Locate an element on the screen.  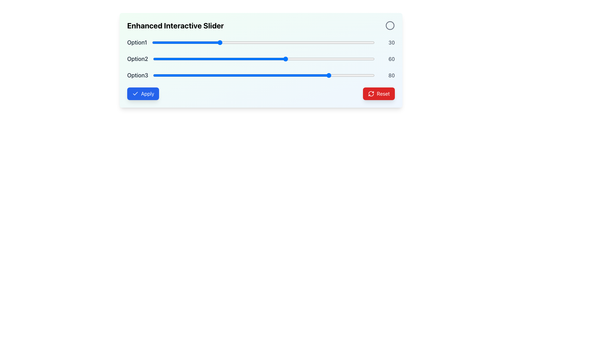
the slider is located at coordinates (301, 43).